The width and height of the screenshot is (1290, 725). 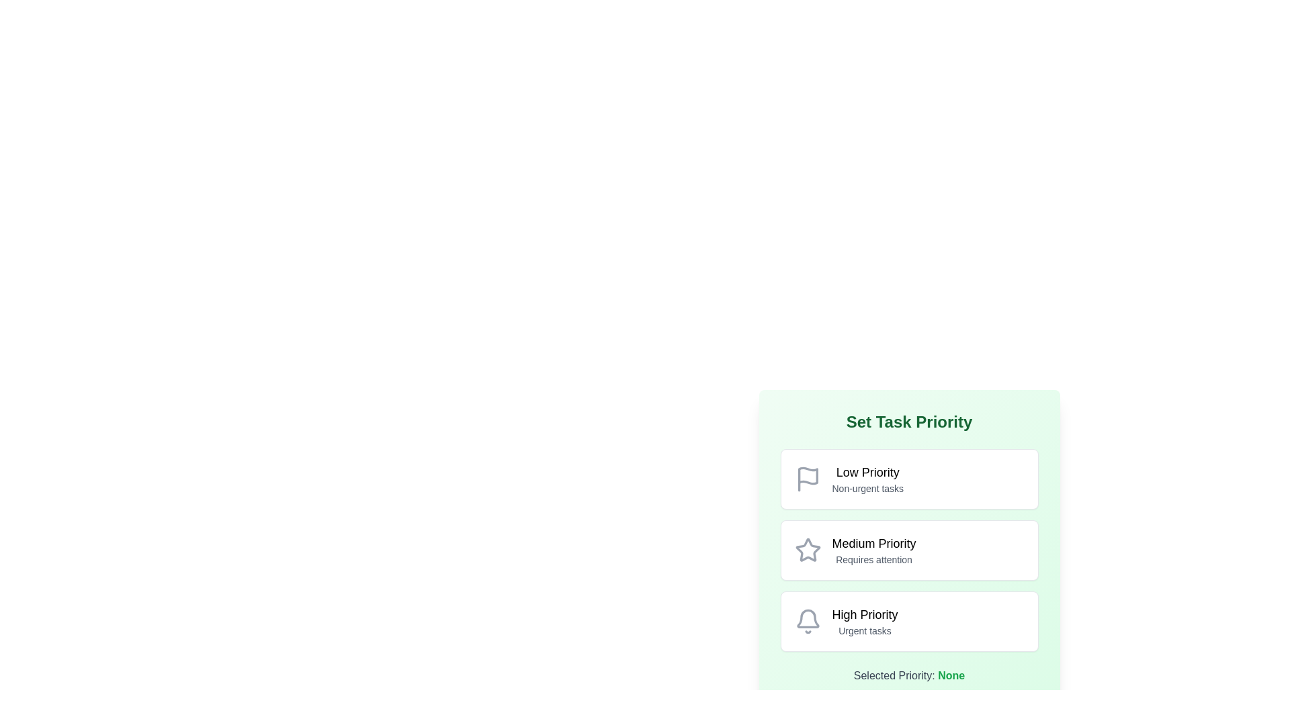 What do you see at coordinates (909, 548) in the screenshot?
I see `and interpret the descriptions for each priority level in the 'Set Task Priority' interactive panel, which includes 'Low Priority', 'Medium Priority', and 'High Priority'` at bounding box center [909, 548].